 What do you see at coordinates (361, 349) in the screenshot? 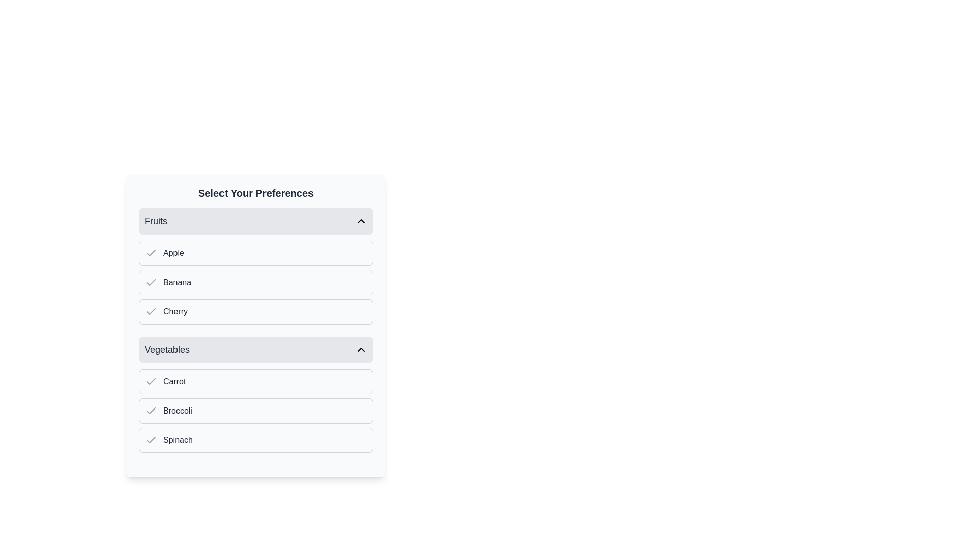
I see `the upward-pointing chevron icon on the right side of the 'Vegetables' section header` at bounding box center [361, 349].